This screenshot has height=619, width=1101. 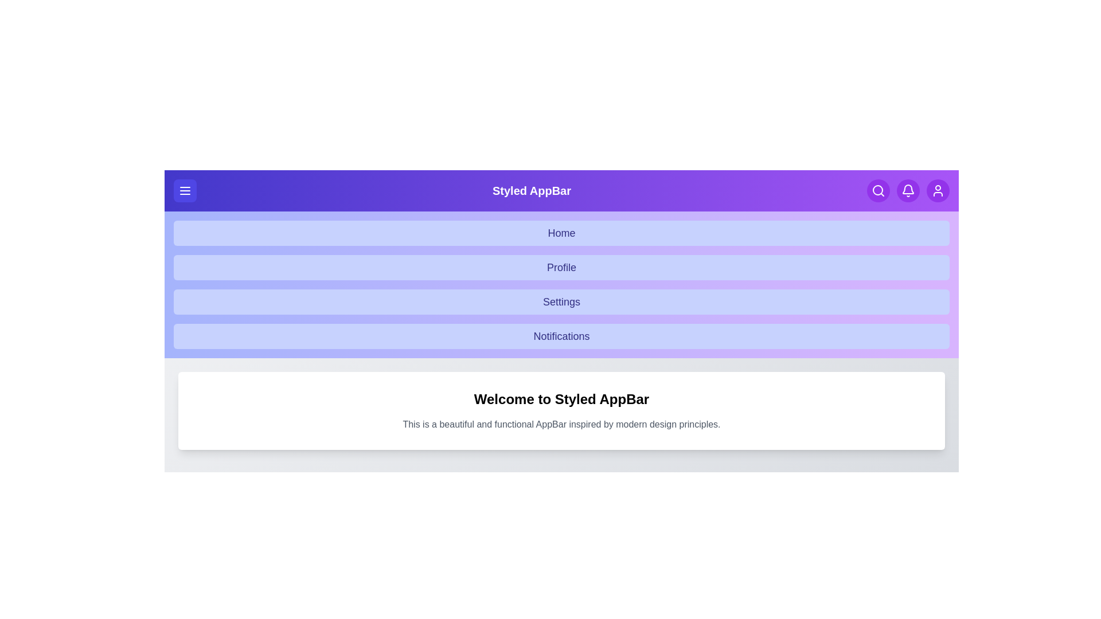 I want to click on the navigation item labeled Notifications, so click(x=561, y=335).